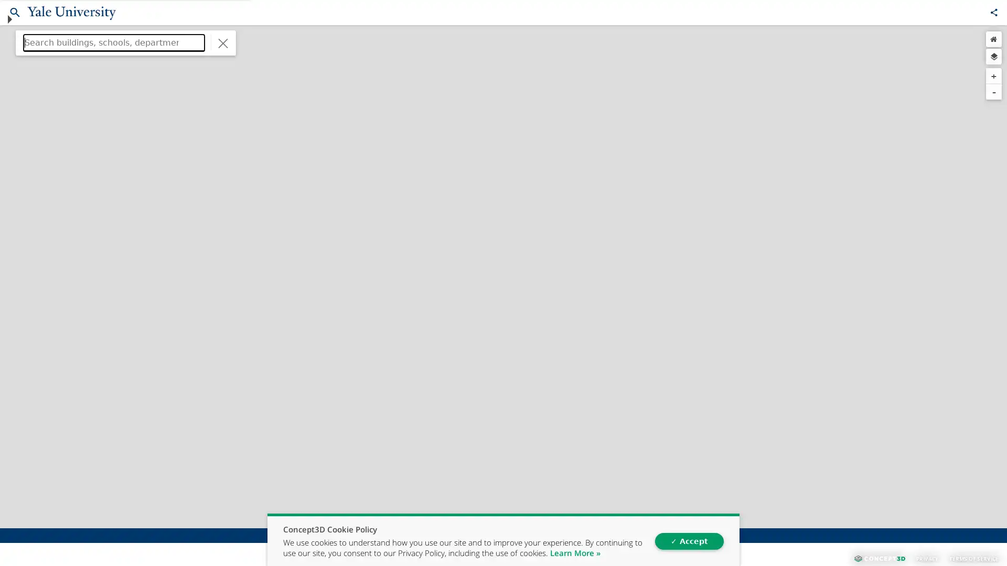 This screenshot has height=566, width=1007. I want to click on Zoom out, so click(993, 92).